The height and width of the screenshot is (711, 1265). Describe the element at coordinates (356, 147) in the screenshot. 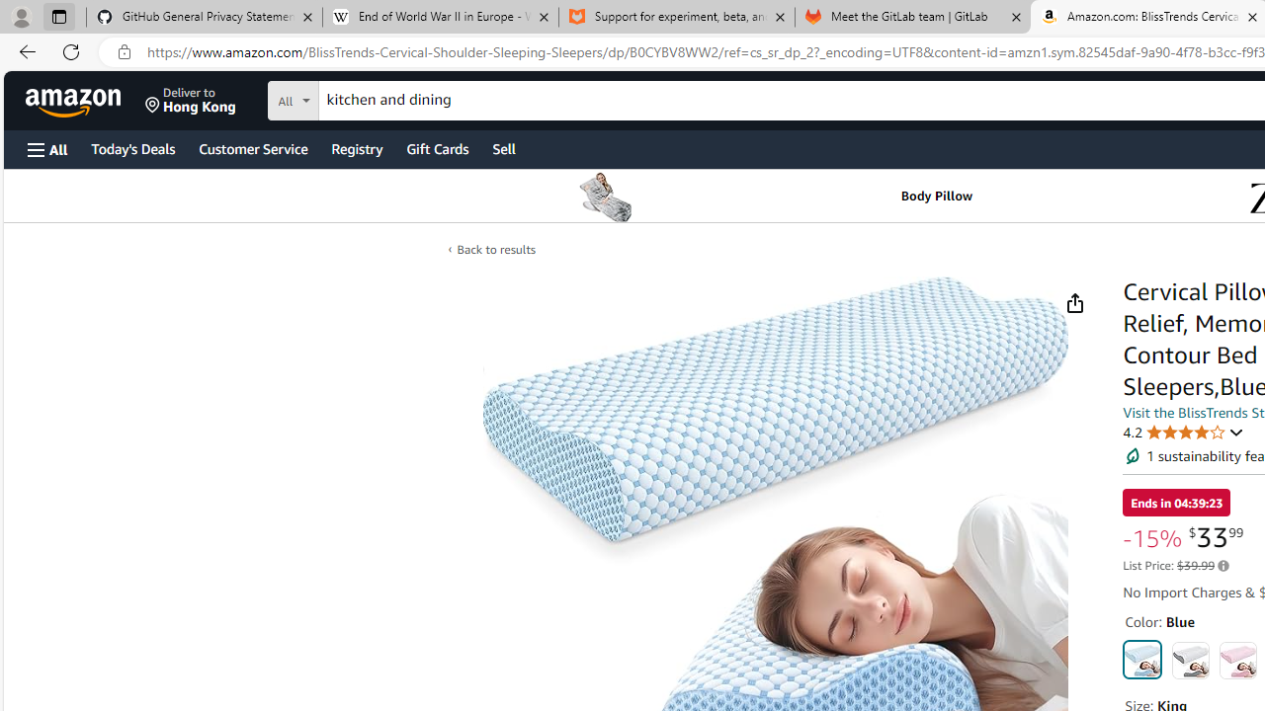

I see `'Registry'` at that location.